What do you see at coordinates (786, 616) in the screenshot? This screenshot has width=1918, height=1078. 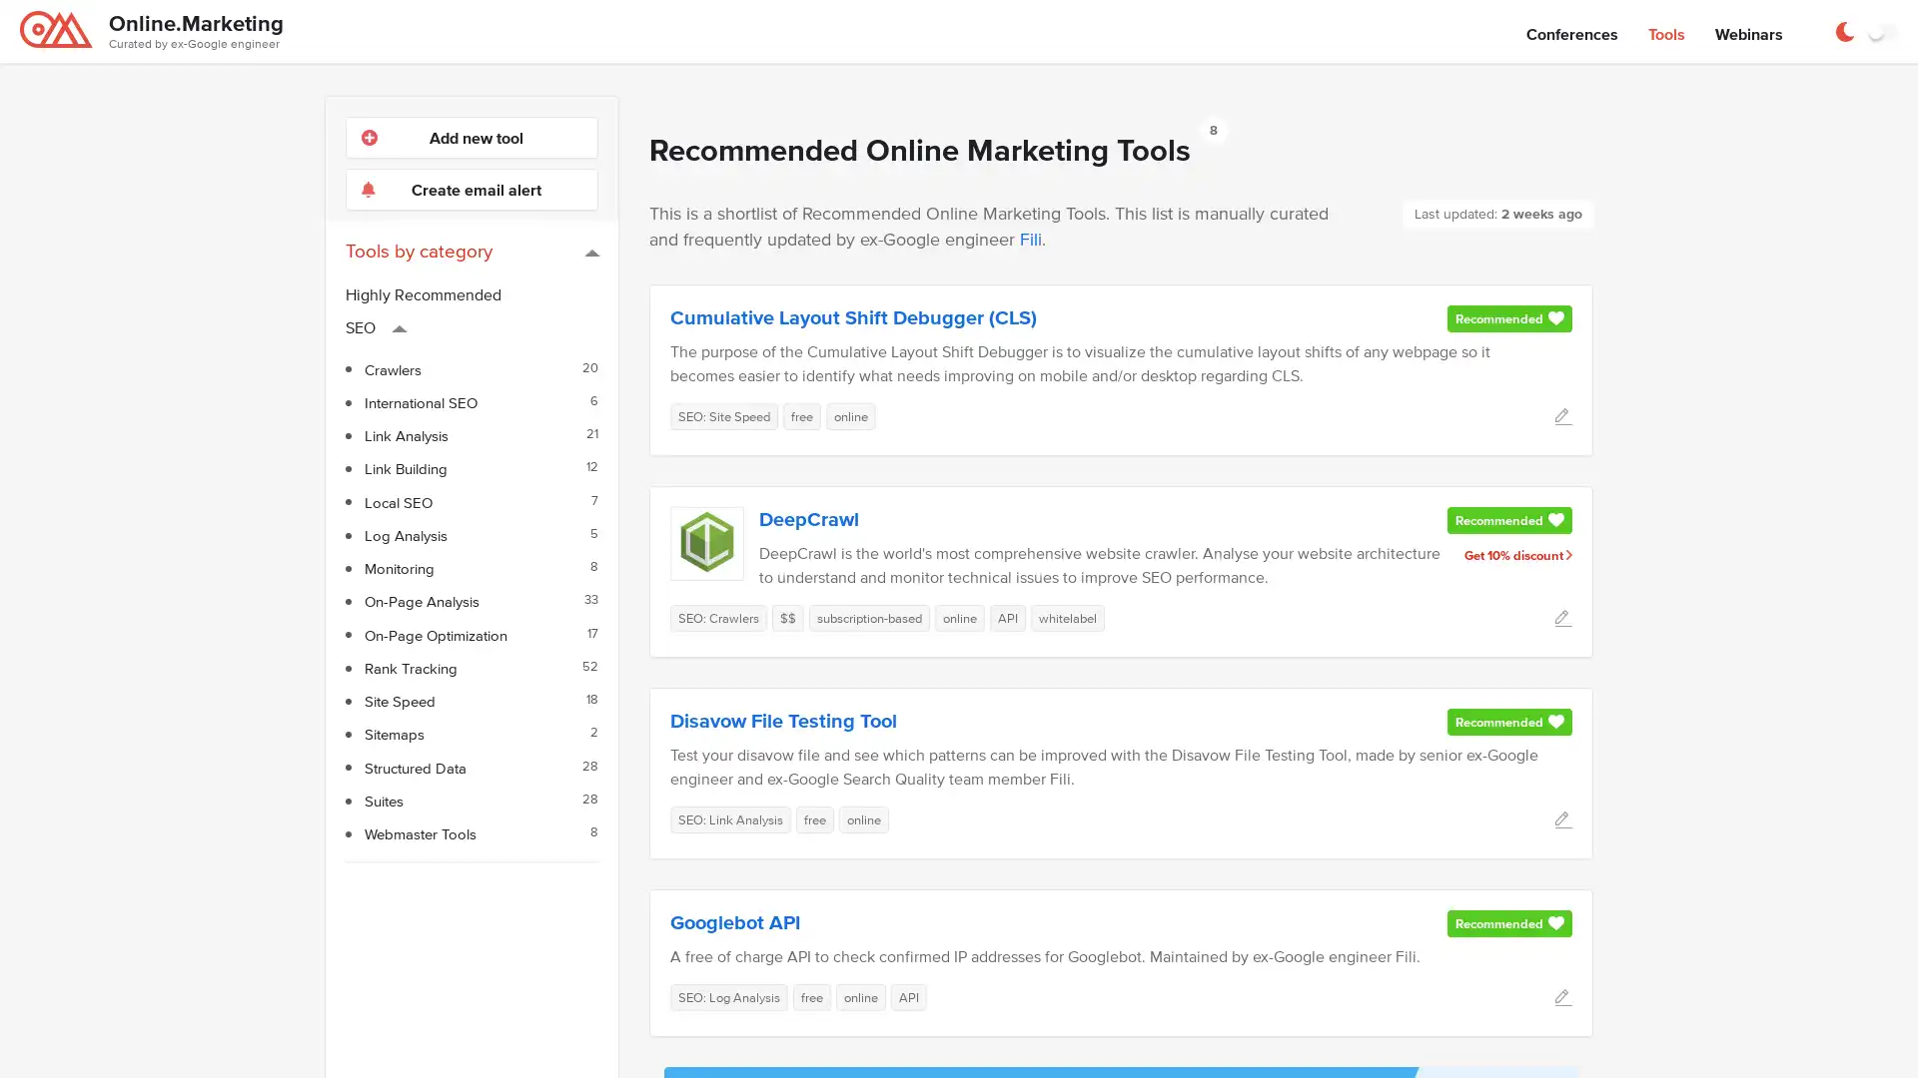 I see `$$` at bounding box center [786, 616].